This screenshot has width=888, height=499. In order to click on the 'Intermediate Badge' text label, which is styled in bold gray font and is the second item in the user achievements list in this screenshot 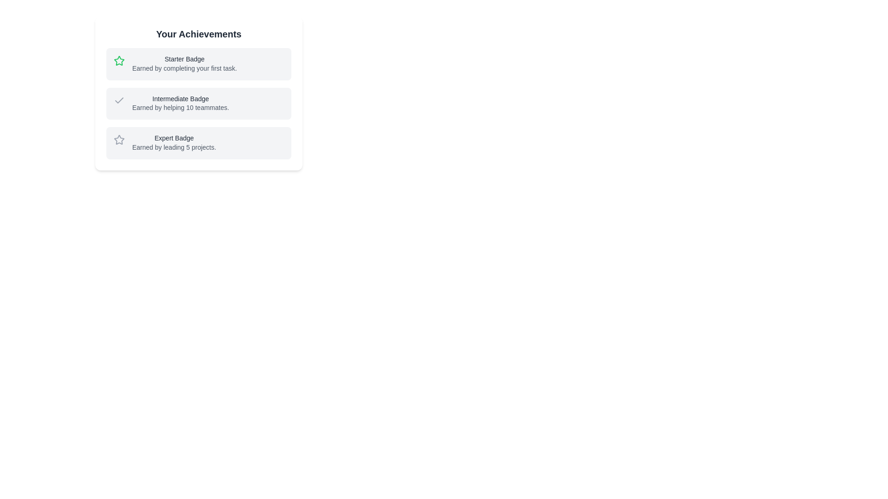, I will do `click(180, 103)`.